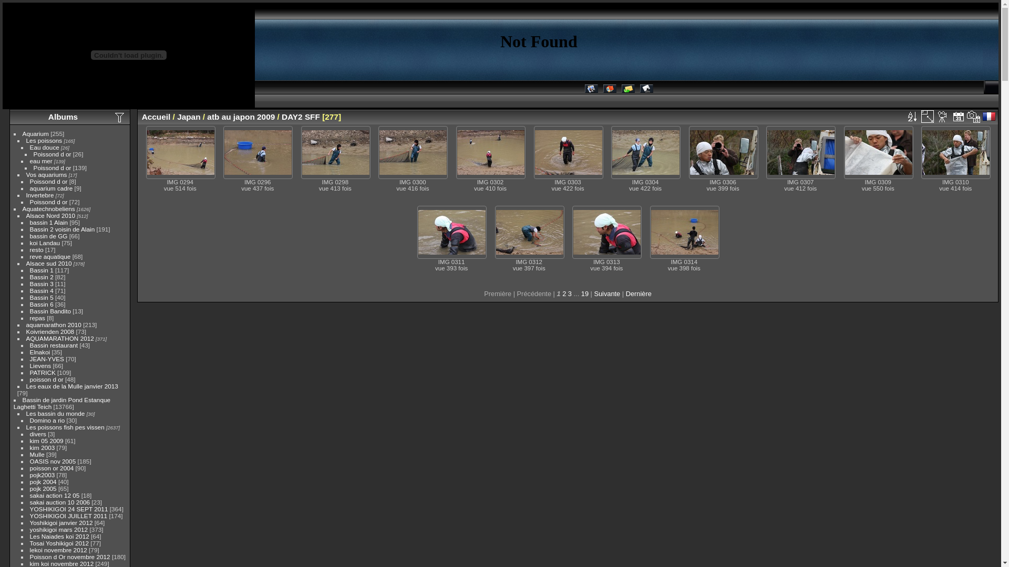  I want to click on 'Aquarium', so click(23, 133).